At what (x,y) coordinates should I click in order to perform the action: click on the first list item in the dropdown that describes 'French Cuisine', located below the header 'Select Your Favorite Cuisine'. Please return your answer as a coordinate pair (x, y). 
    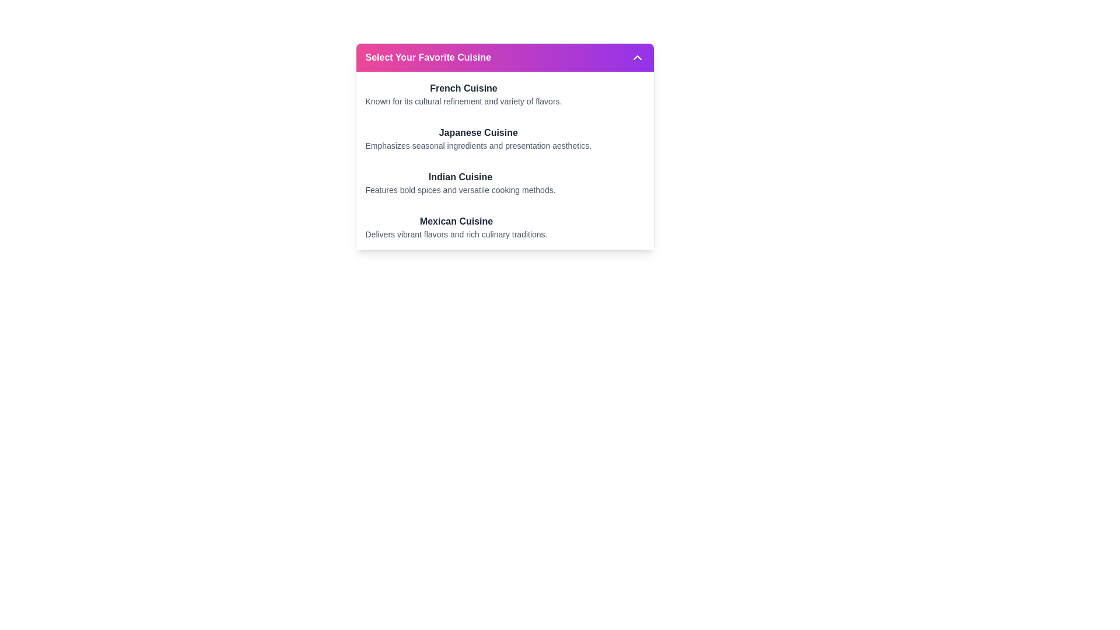
    Looking at the image, I should click on (505, 94).